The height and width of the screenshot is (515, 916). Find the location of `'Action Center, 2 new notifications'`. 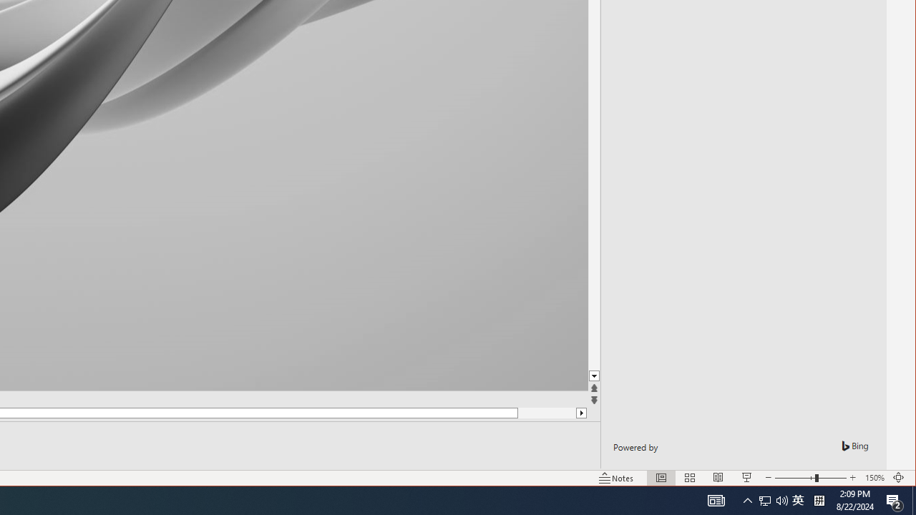

'Action Center, 2 new notifications' is located at coordinates (895, 499).